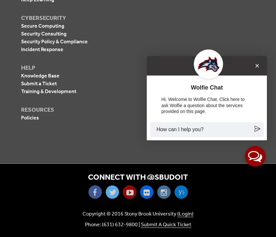 The width and height of the screenshot is (276, 237). What do you see at coordinates (166, 224) in the screenshot?
I see `'Submit A Quick Ticket'` at bounding box center [166, 224].